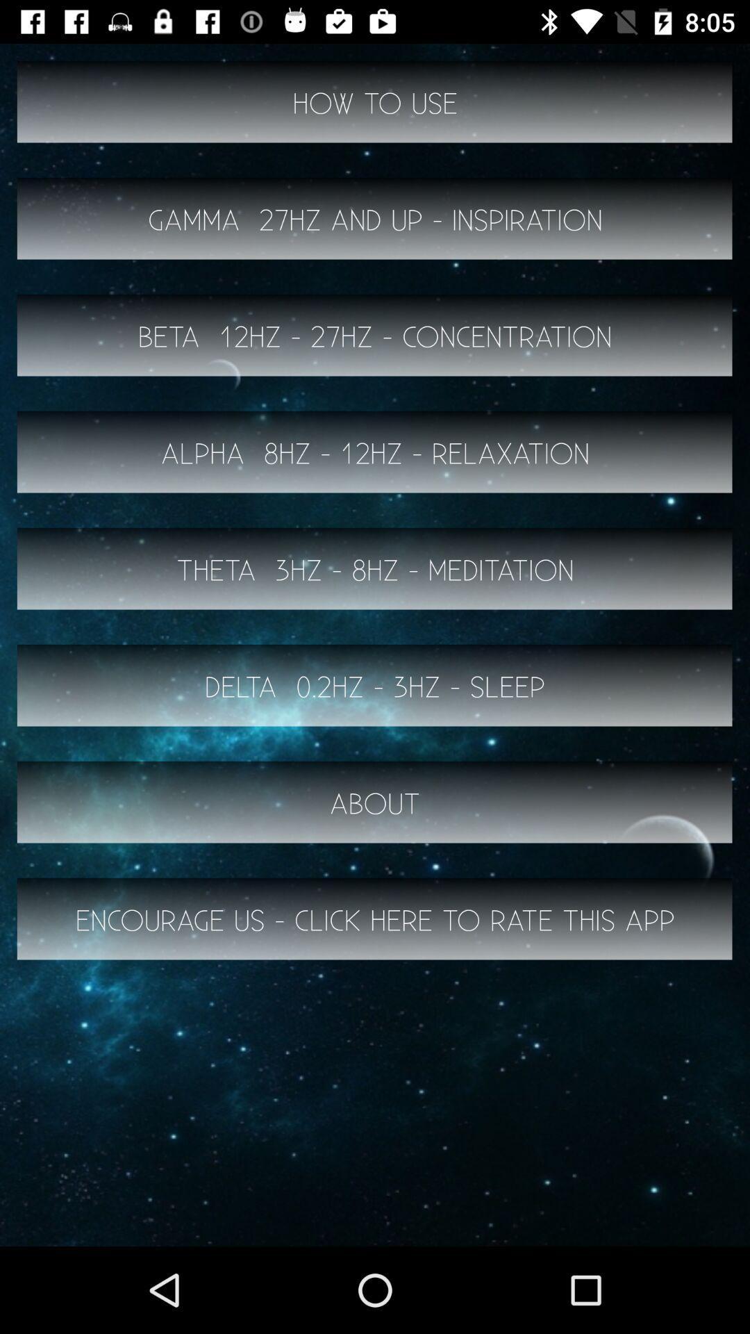 This screenshot has width=750, height=1334. I want to click on the item below the delta 0 2hz item, so click(375, 802).